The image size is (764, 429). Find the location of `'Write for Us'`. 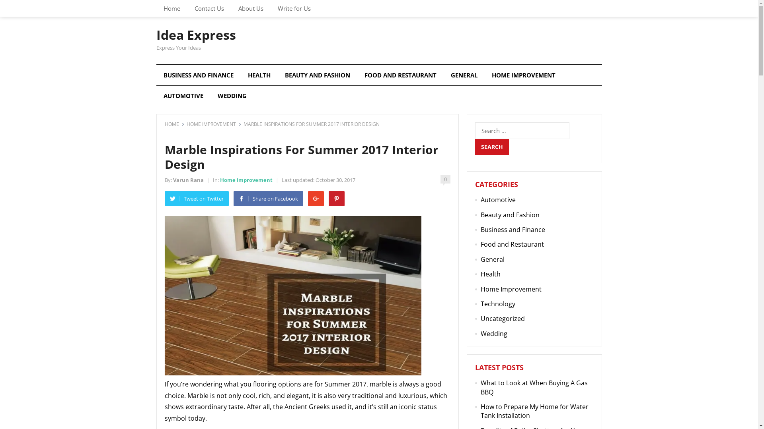

'Write for Us' is located at coordinates (294, 8).